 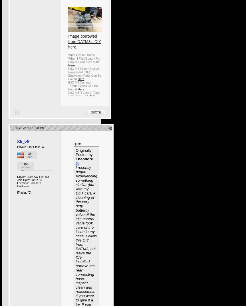 I want to click on 'iTrader: (', so click(x=22, y=192).